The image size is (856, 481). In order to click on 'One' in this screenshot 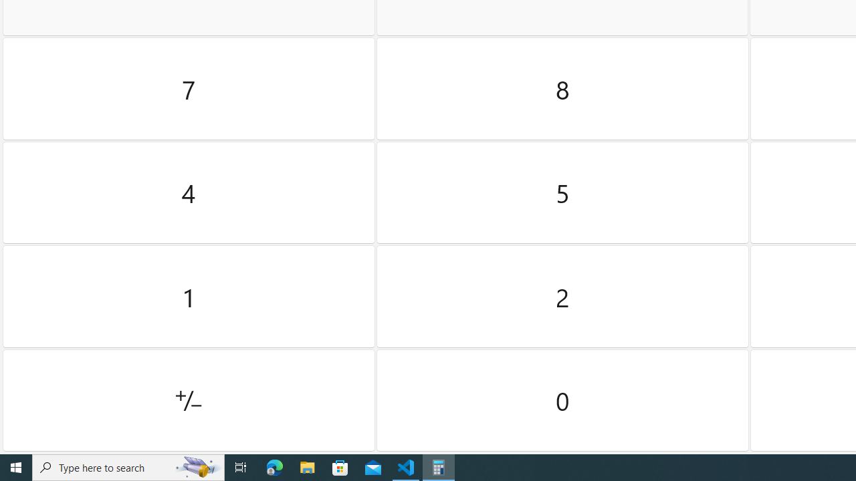, I will do `click(188, 296)`.